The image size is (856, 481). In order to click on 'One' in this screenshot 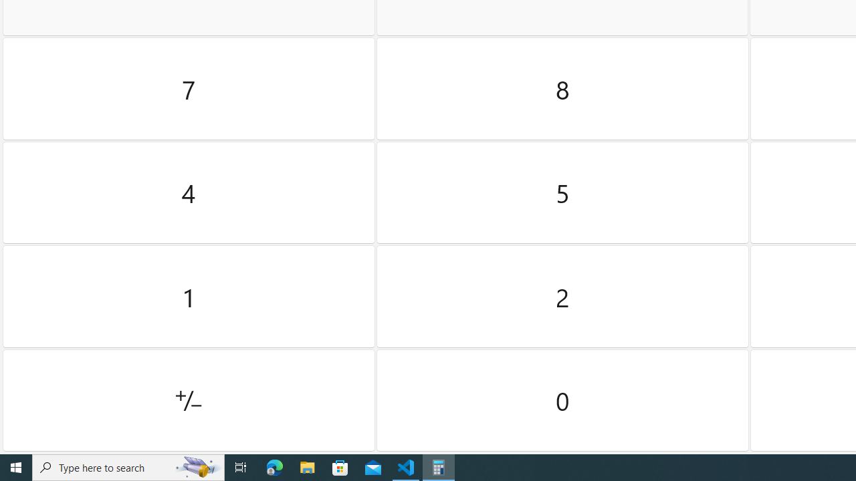, I will do `click(188, 296)`.